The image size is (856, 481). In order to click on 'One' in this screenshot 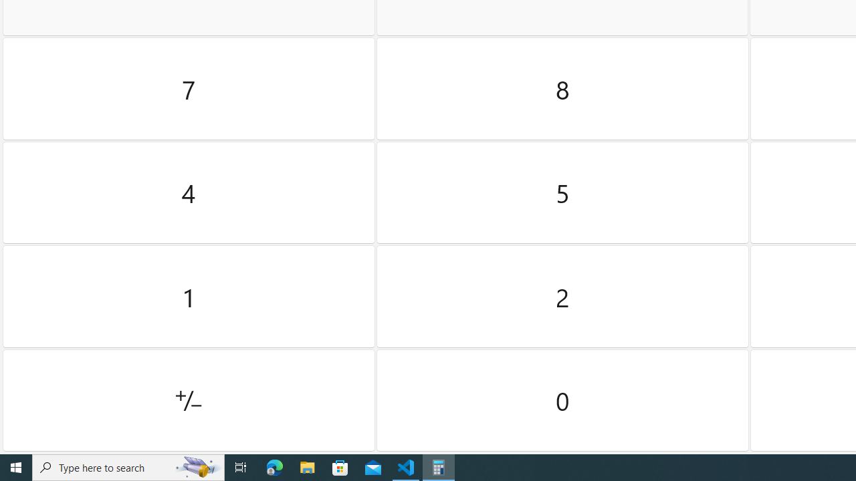, I will do `click(188, 296)`.